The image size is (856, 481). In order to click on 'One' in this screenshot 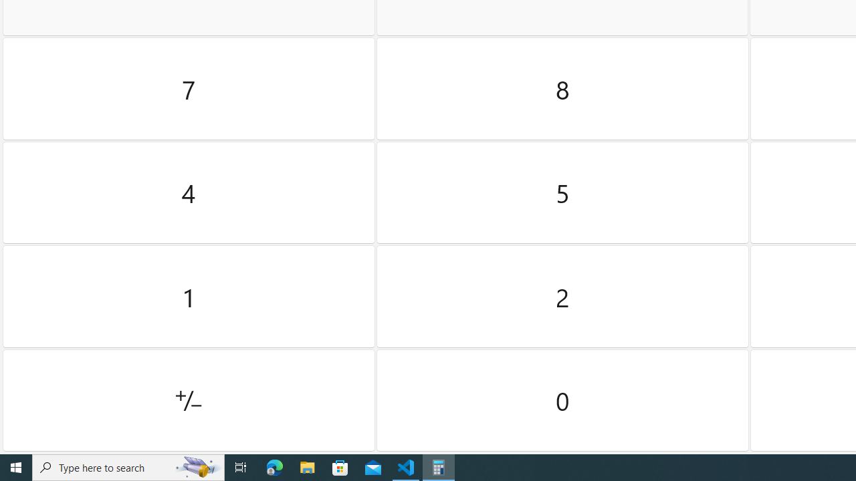, I will do `click(188, 296)`.